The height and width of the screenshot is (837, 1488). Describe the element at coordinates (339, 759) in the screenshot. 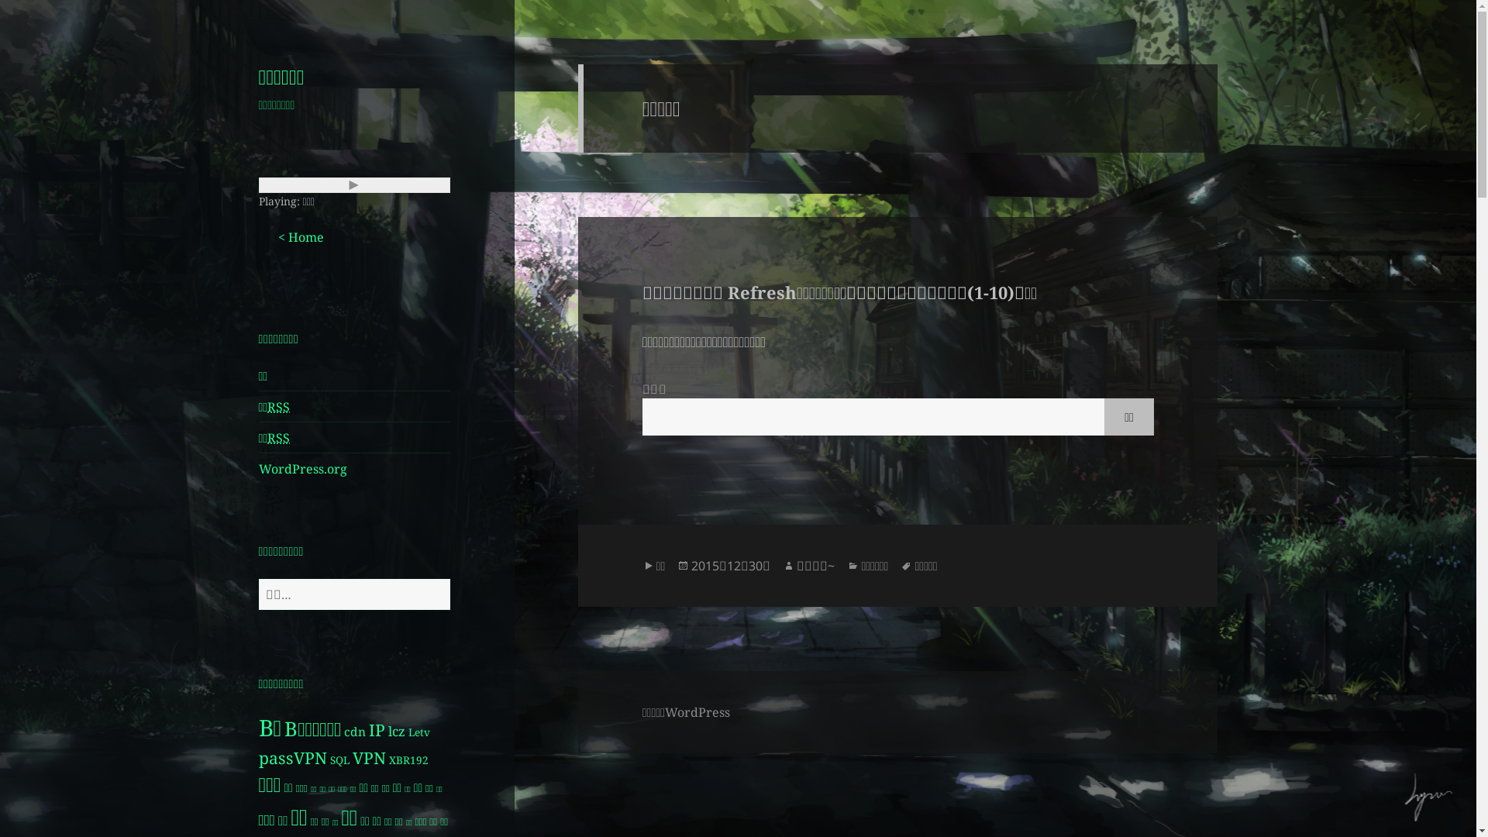

I see `'SQL'` at that location.